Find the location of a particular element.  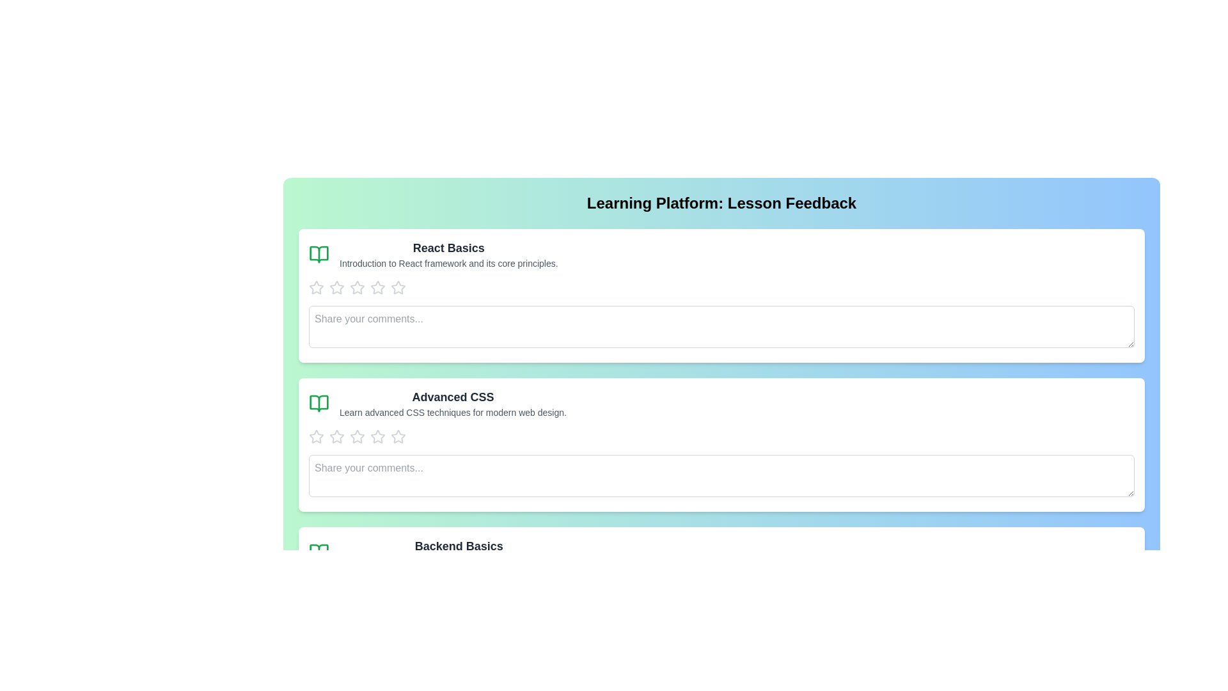

the green icon resembling an open book, located to the left of the 'Backend Basics' text block is located at coordinates (319, 552).